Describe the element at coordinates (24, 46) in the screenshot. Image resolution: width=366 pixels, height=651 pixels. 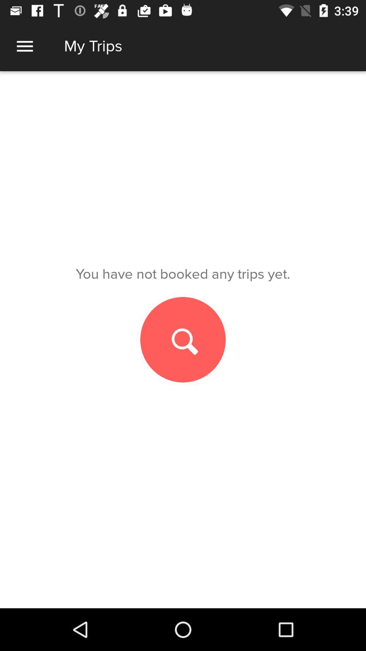
I see `icon next to the my trips item` at that location.